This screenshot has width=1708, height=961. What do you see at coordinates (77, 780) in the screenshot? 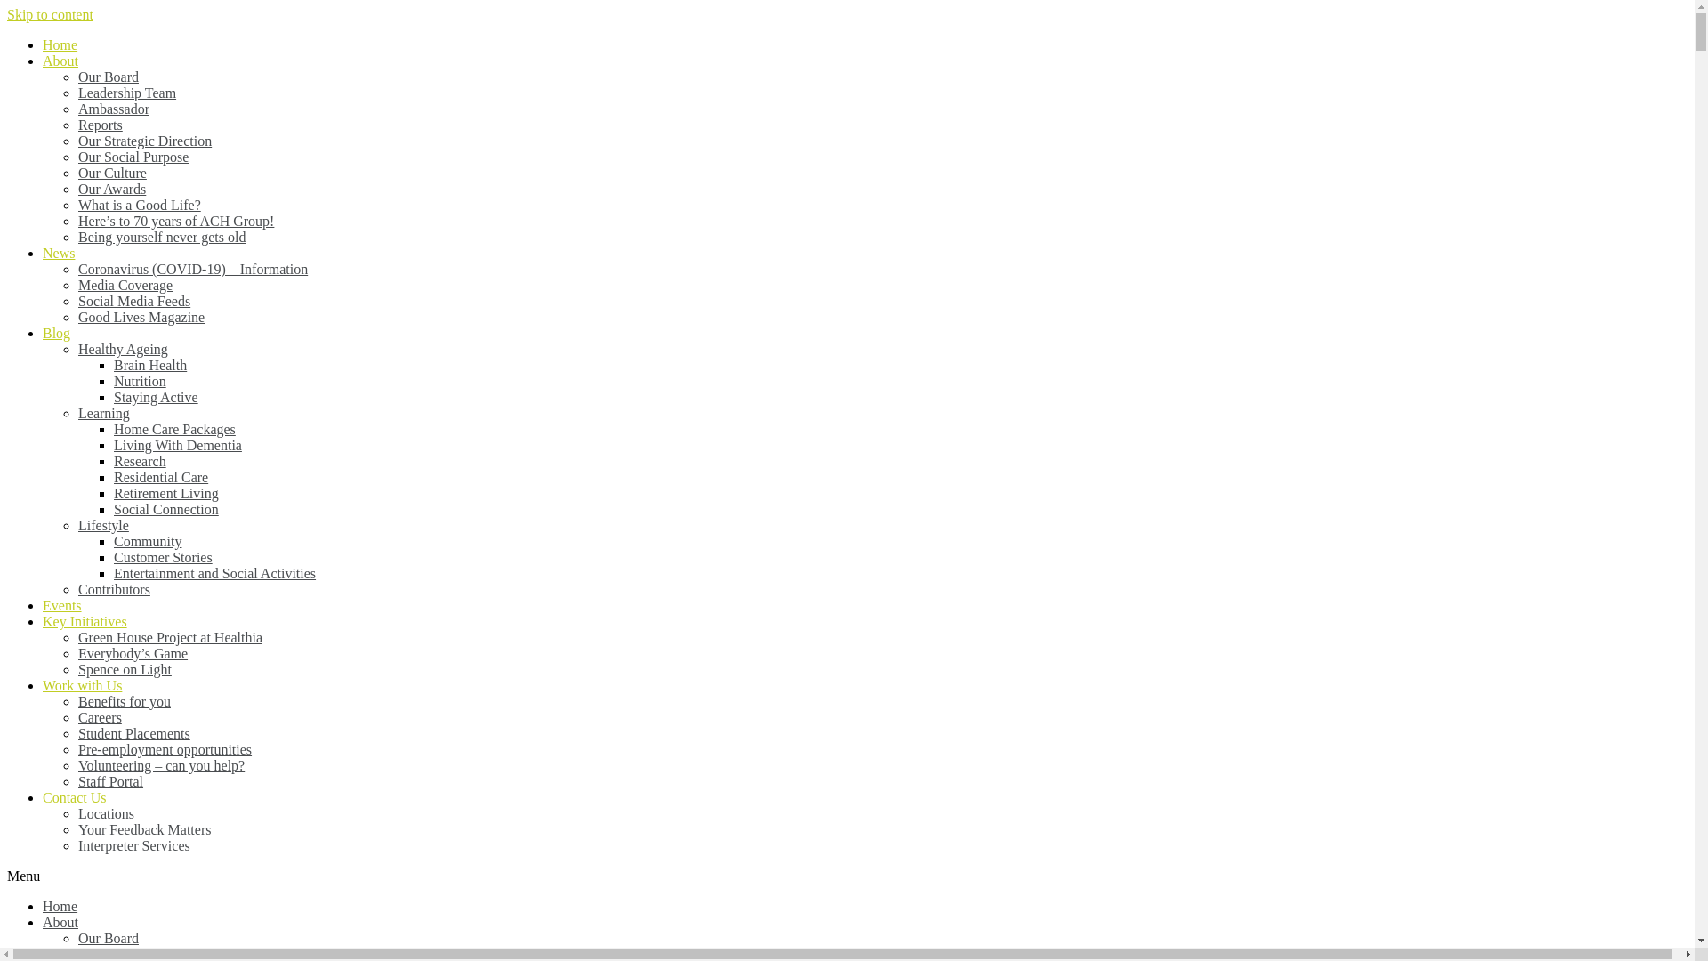
I see `'Staff Portal'` at bounding box center [77, 780].